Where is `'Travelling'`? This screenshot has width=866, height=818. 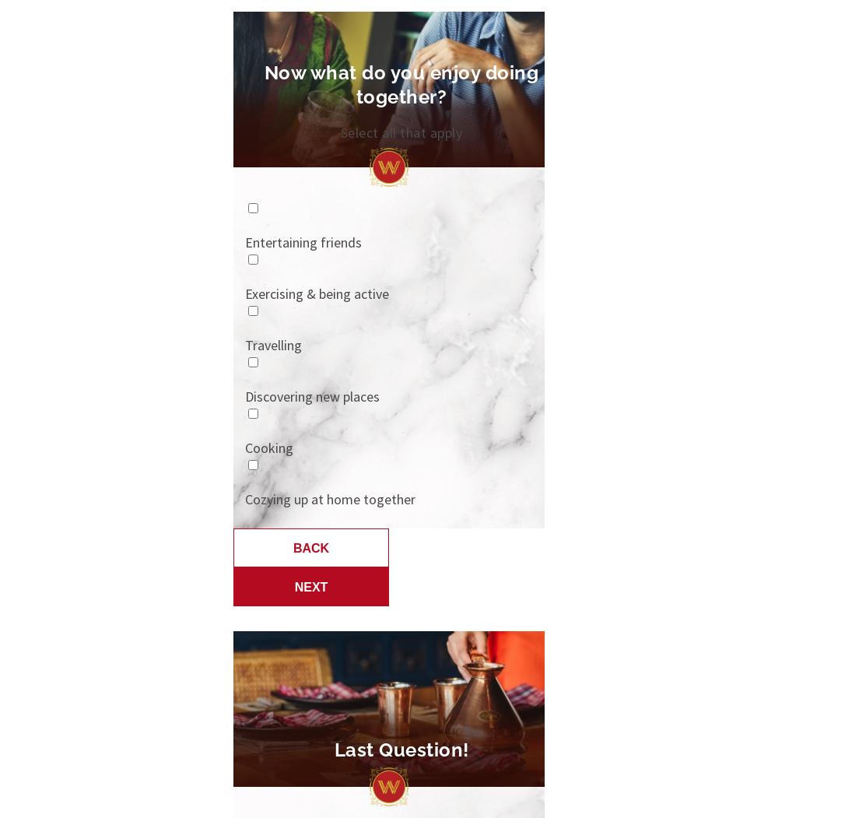 'Travelling' is located at coordinates (273, 345).